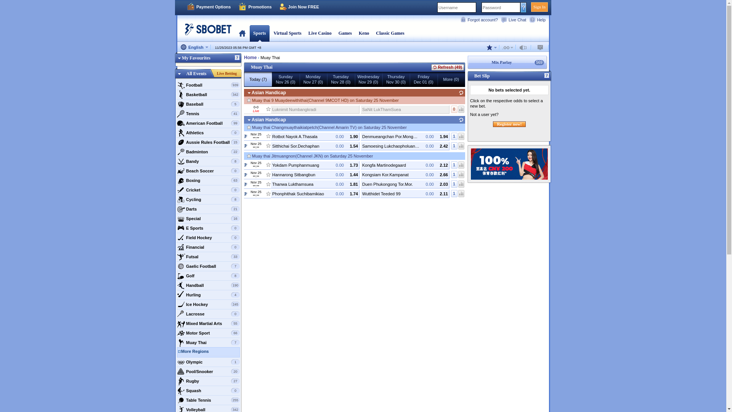 The image size is (732, 412). Describe the element at coordinates (538, 19) in the screenshot. I see `'Help'` at that location.